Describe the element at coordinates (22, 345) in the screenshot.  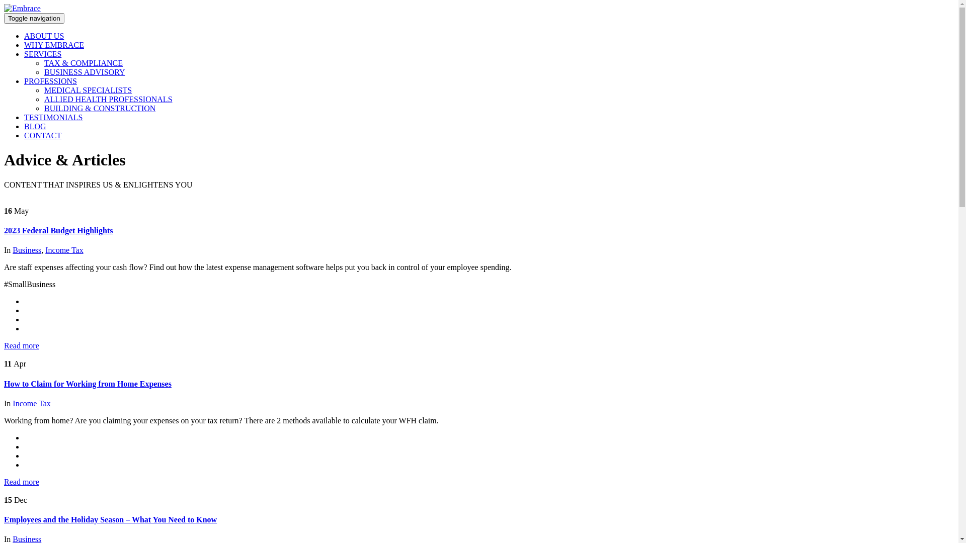
I see `'Read more'` at that location.